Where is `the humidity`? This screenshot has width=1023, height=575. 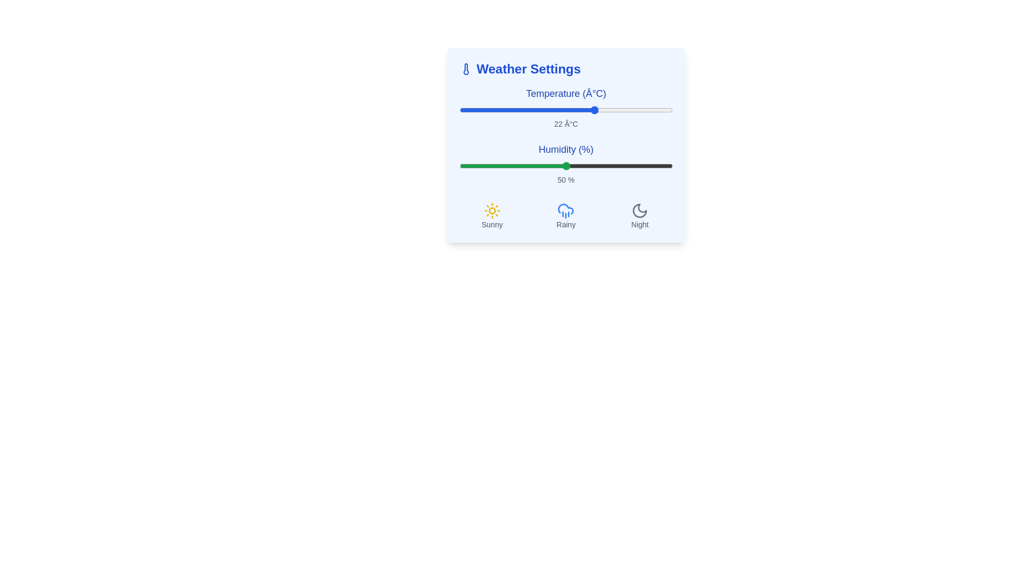
the humidity is located at coordinates (632, 166).